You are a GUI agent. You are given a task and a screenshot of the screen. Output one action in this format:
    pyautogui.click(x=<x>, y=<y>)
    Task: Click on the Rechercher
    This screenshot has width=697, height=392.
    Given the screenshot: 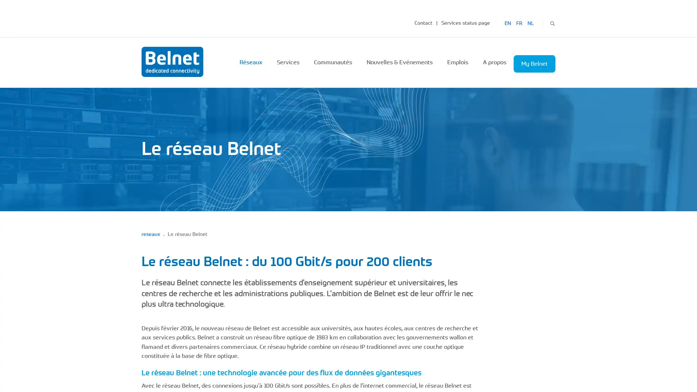 What is the action you would take?
    pyautogui.click(x=552, y=22)
    